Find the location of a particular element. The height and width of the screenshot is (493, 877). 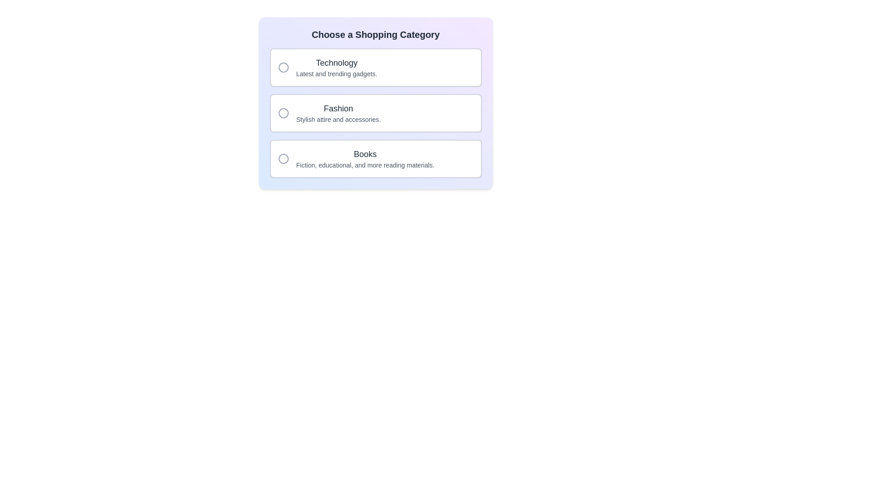

the Text Label for the 'Fashion' category, which is located in the second option of the 'Choose a Shopping Category' section, positioned above the text 'Stylish attire and accessories.' and below 'Technology' is located at coordinates (338, 108).